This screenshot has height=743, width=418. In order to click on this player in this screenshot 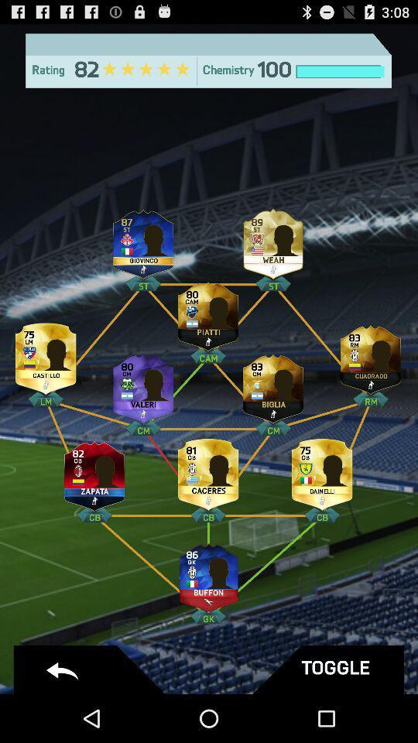, I will do `click(208, 312)`.